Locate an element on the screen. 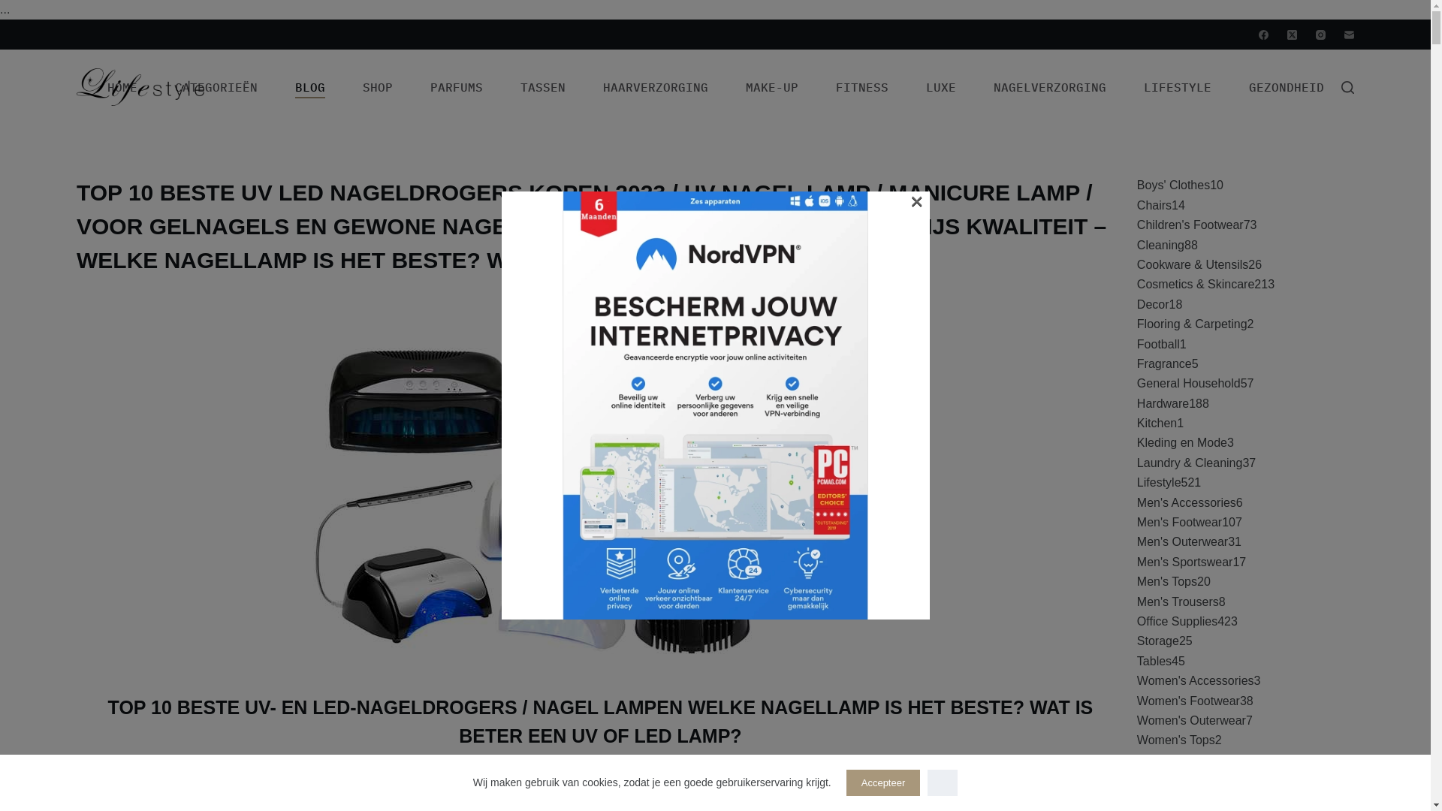  'LUXE' is located at coordinates (940, 86).